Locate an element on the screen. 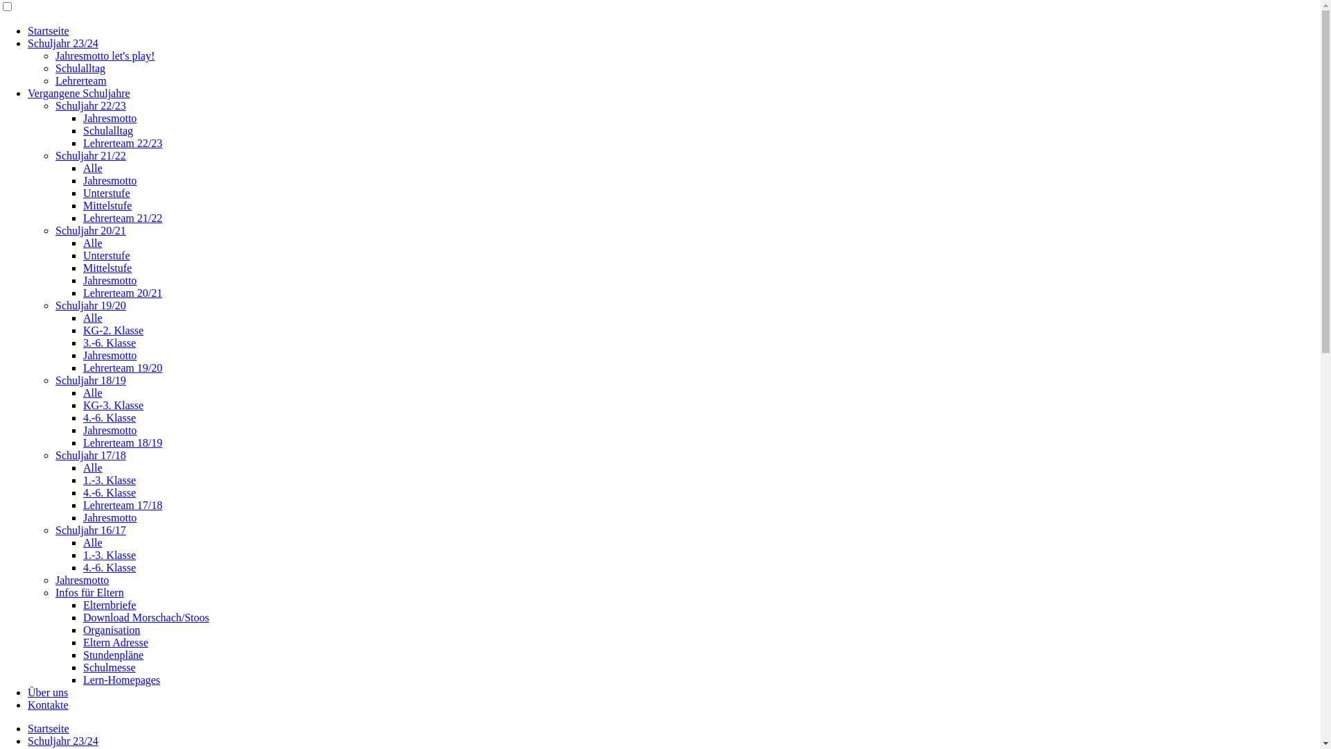 The width and height of the screenshot is (1331, 749). 'KG-3. Klasse' is located at coordinates (82, 405).